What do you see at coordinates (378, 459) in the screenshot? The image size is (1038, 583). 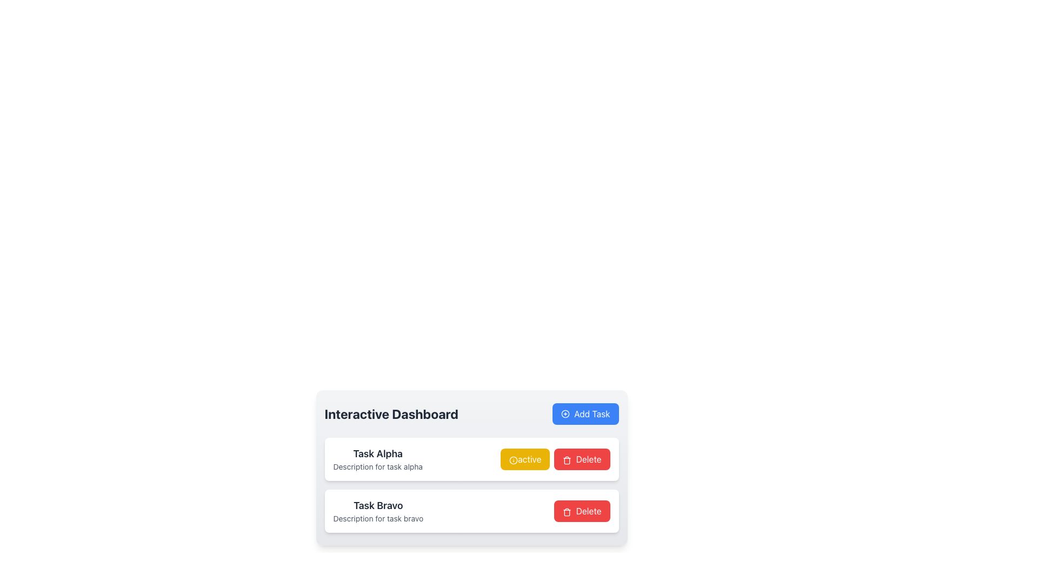 I see `text displayed in the task descriptor element labeled 'Task Alpha' with its description 'Description for task alpha'` at bounding box center [378, 459].